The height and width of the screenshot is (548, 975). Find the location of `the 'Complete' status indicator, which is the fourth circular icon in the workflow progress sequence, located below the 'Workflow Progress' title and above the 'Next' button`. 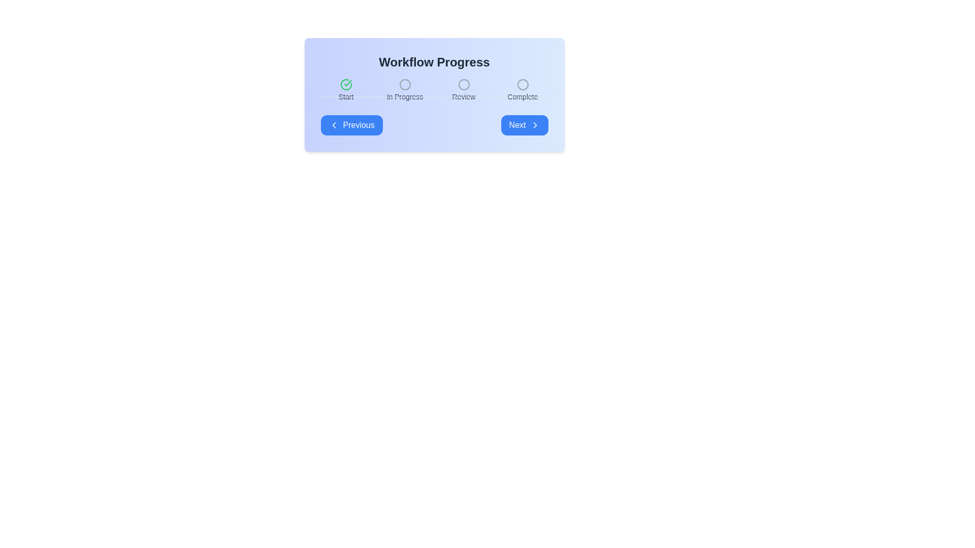

the 'Complete' status indicator, which is the fourth circular icon in the workflow progress sequence, located below the 'Workflow Progress' title and above the 'Next' button is located at coordinates (523, 84).